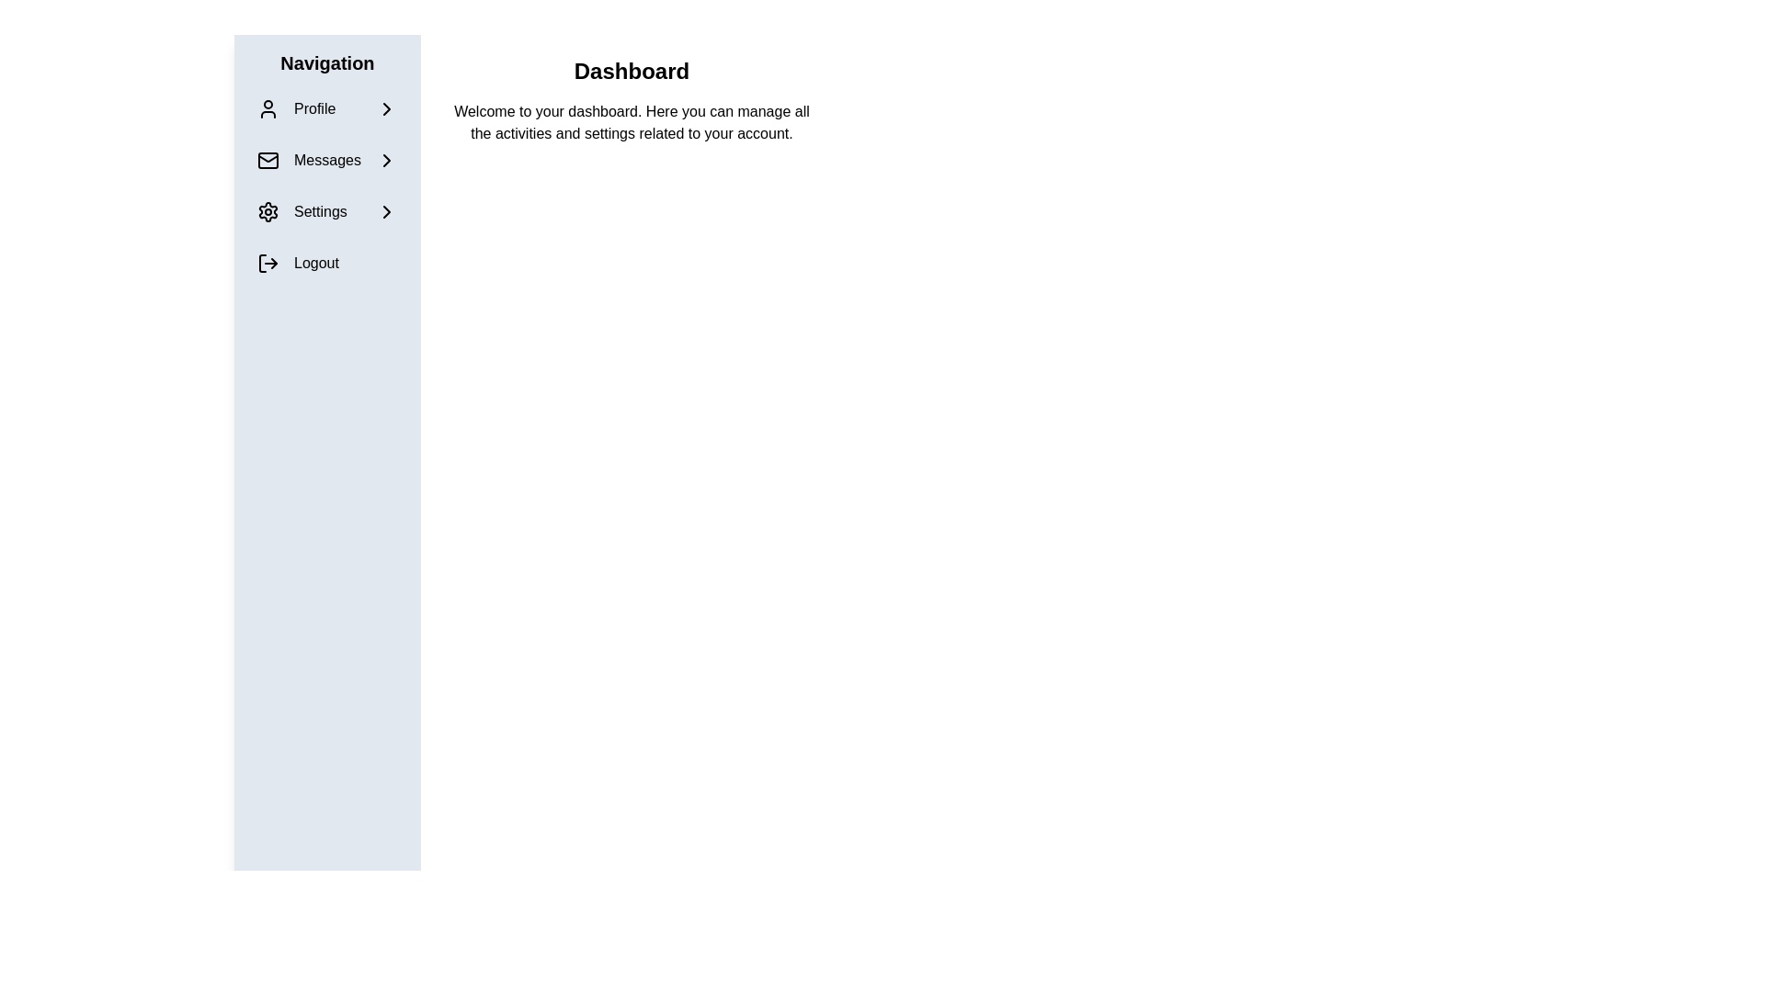  Describe the element at coordinates (327, 109) in the screenshot. I see `the first item in the vertically stacked navigation menu` at that location.